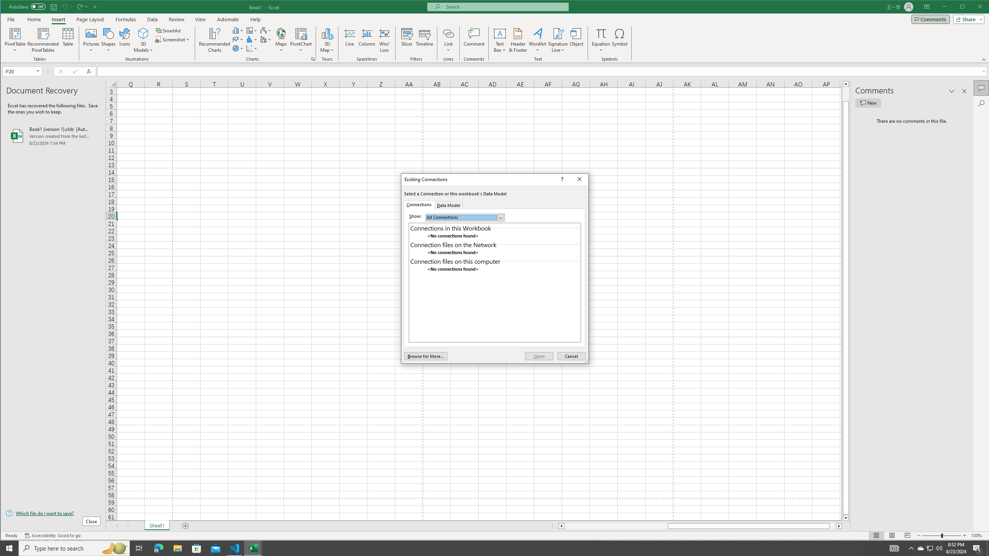 The width and height of the screenshot is (989, 556). What do you see at coordinates (465, 217) in the screenshot?
I see `'Show'` at bounding box center [465, 217].